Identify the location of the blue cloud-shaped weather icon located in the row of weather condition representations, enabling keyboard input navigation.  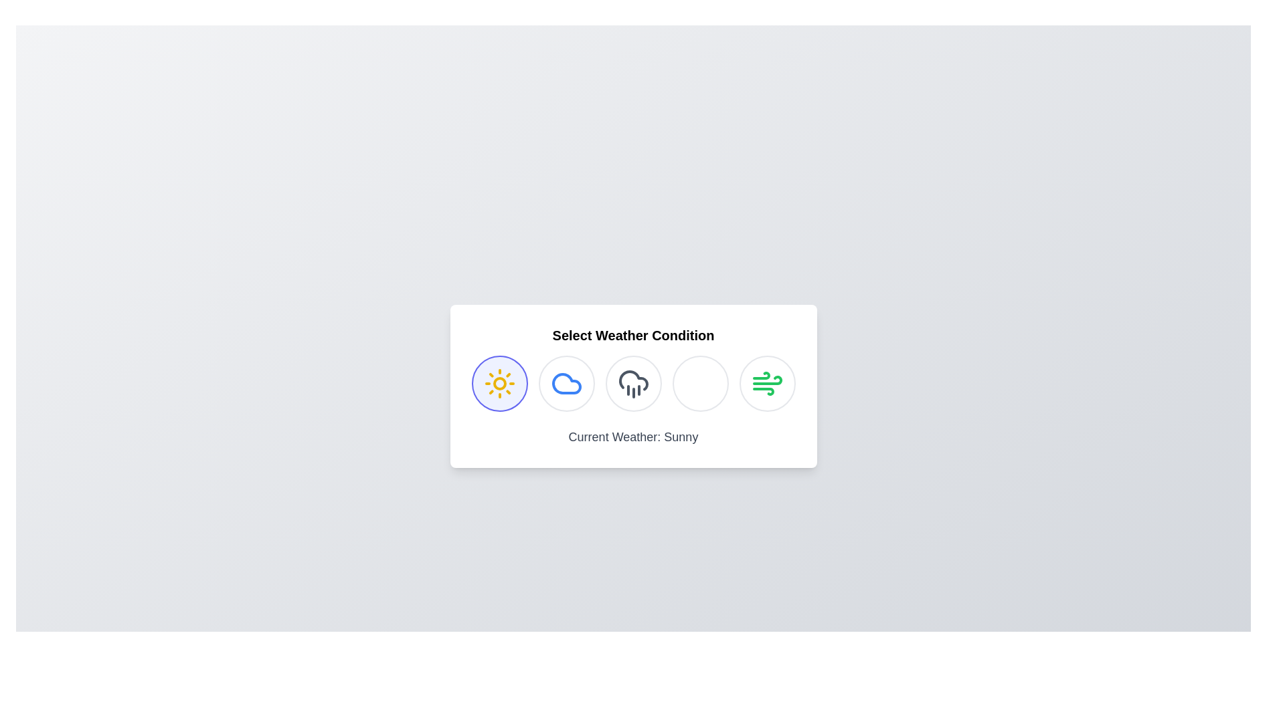
(566, 384).